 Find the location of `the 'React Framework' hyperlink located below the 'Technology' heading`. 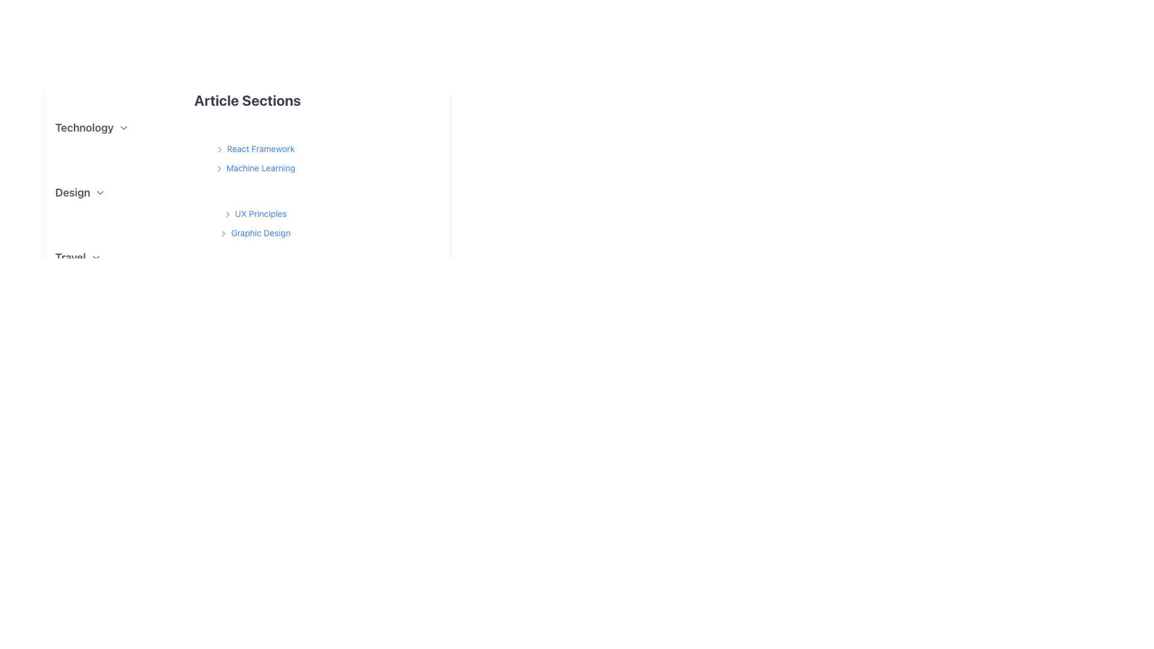

the 'React Framework' hyperlink located below the 'Technology' heading is located at coordinates (254, 157).